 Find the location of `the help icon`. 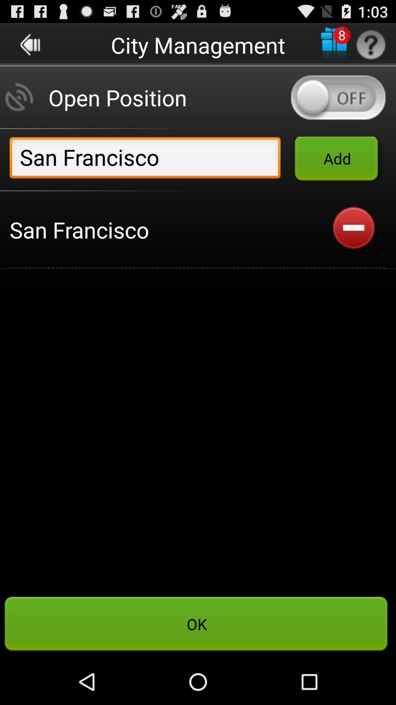

the help icon is located at coordinates (371, 47).